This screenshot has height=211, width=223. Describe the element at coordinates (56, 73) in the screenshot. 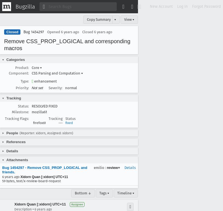

I see `'CSS Parsing and Computation'` at that location.